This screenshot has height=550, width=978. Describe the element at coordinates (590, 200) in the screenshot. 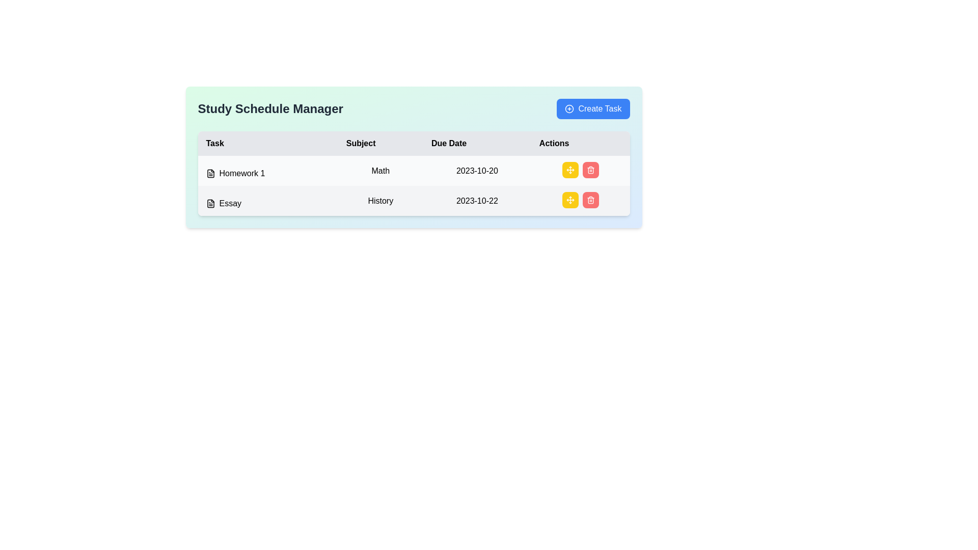

I see `the trash bin icon button, which is styled with a red circular background and white strokes, located in the second row of the Actions column` at that location.